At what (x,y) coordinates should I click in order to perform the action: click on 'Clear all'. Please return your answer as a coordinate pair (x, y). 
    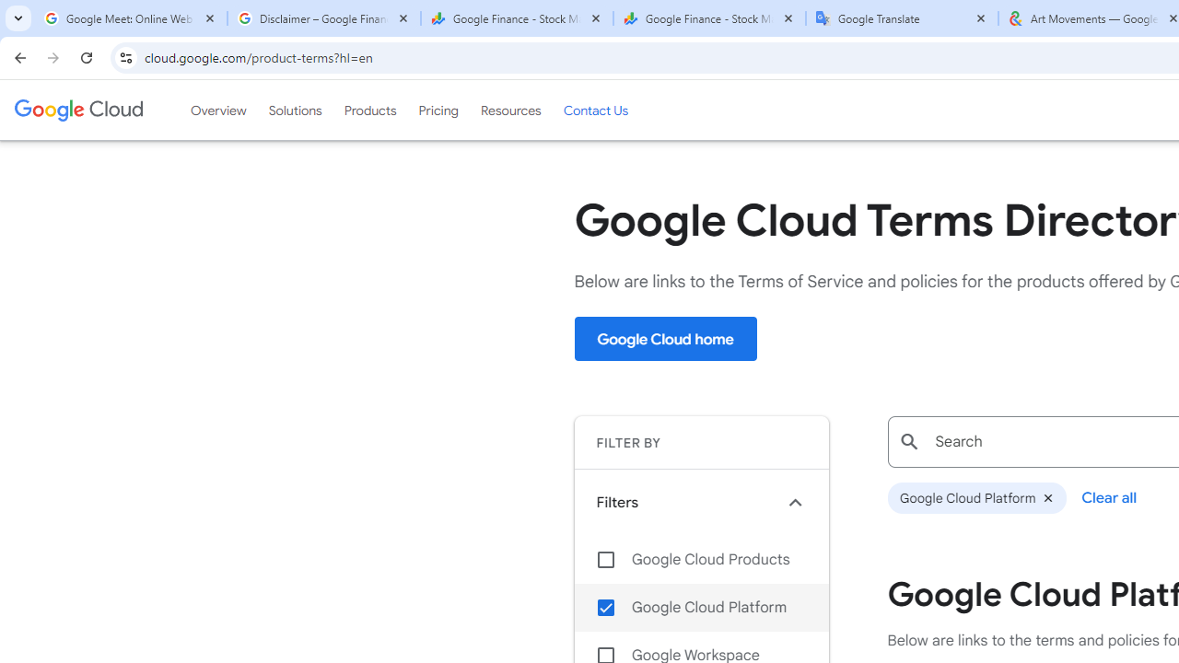
    Looking at the image, I should click on (1108, 497).